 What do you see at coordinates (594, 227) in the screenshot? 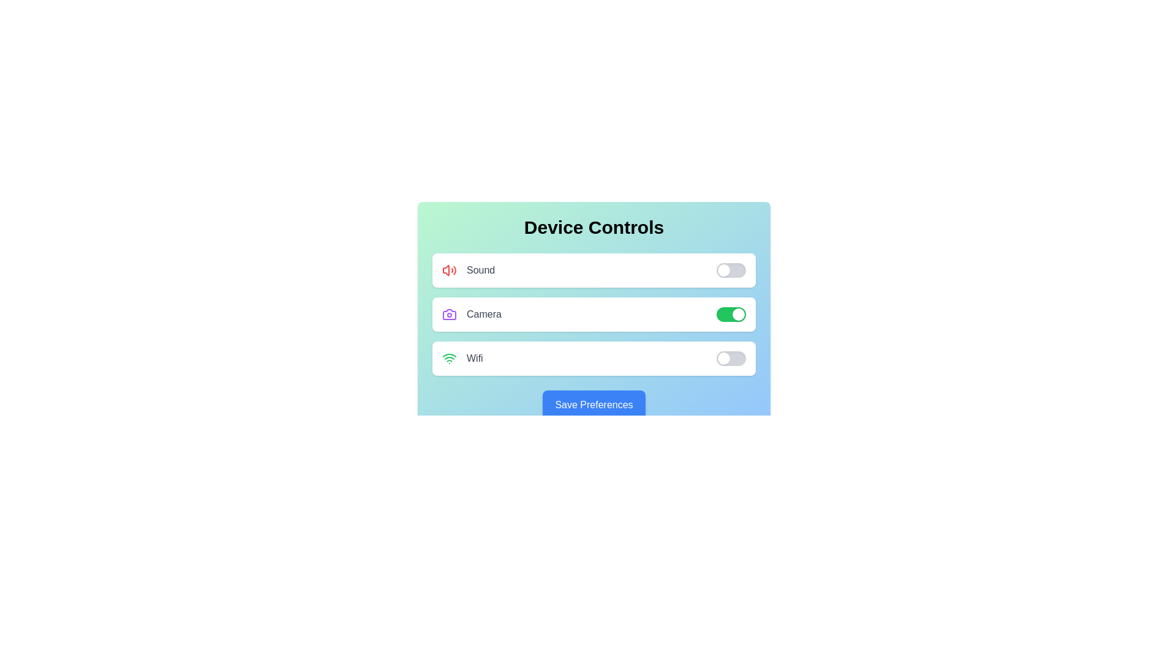
I see `the 'Device Controls' heading to read it` at bounding box center [594, 227].